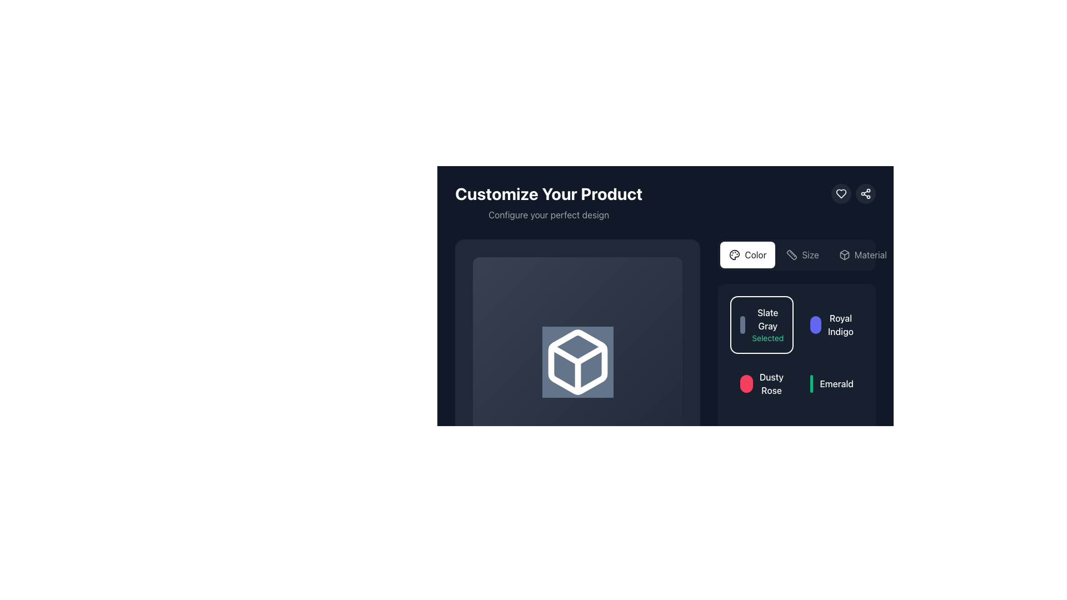 This screenshot has width=1067, height=600. What do you see at coordinates (832, 325) in the screenshot?
I see `the 'Royal Indigo' selectable item in the color selector panel` at bounding box center [832, 325].